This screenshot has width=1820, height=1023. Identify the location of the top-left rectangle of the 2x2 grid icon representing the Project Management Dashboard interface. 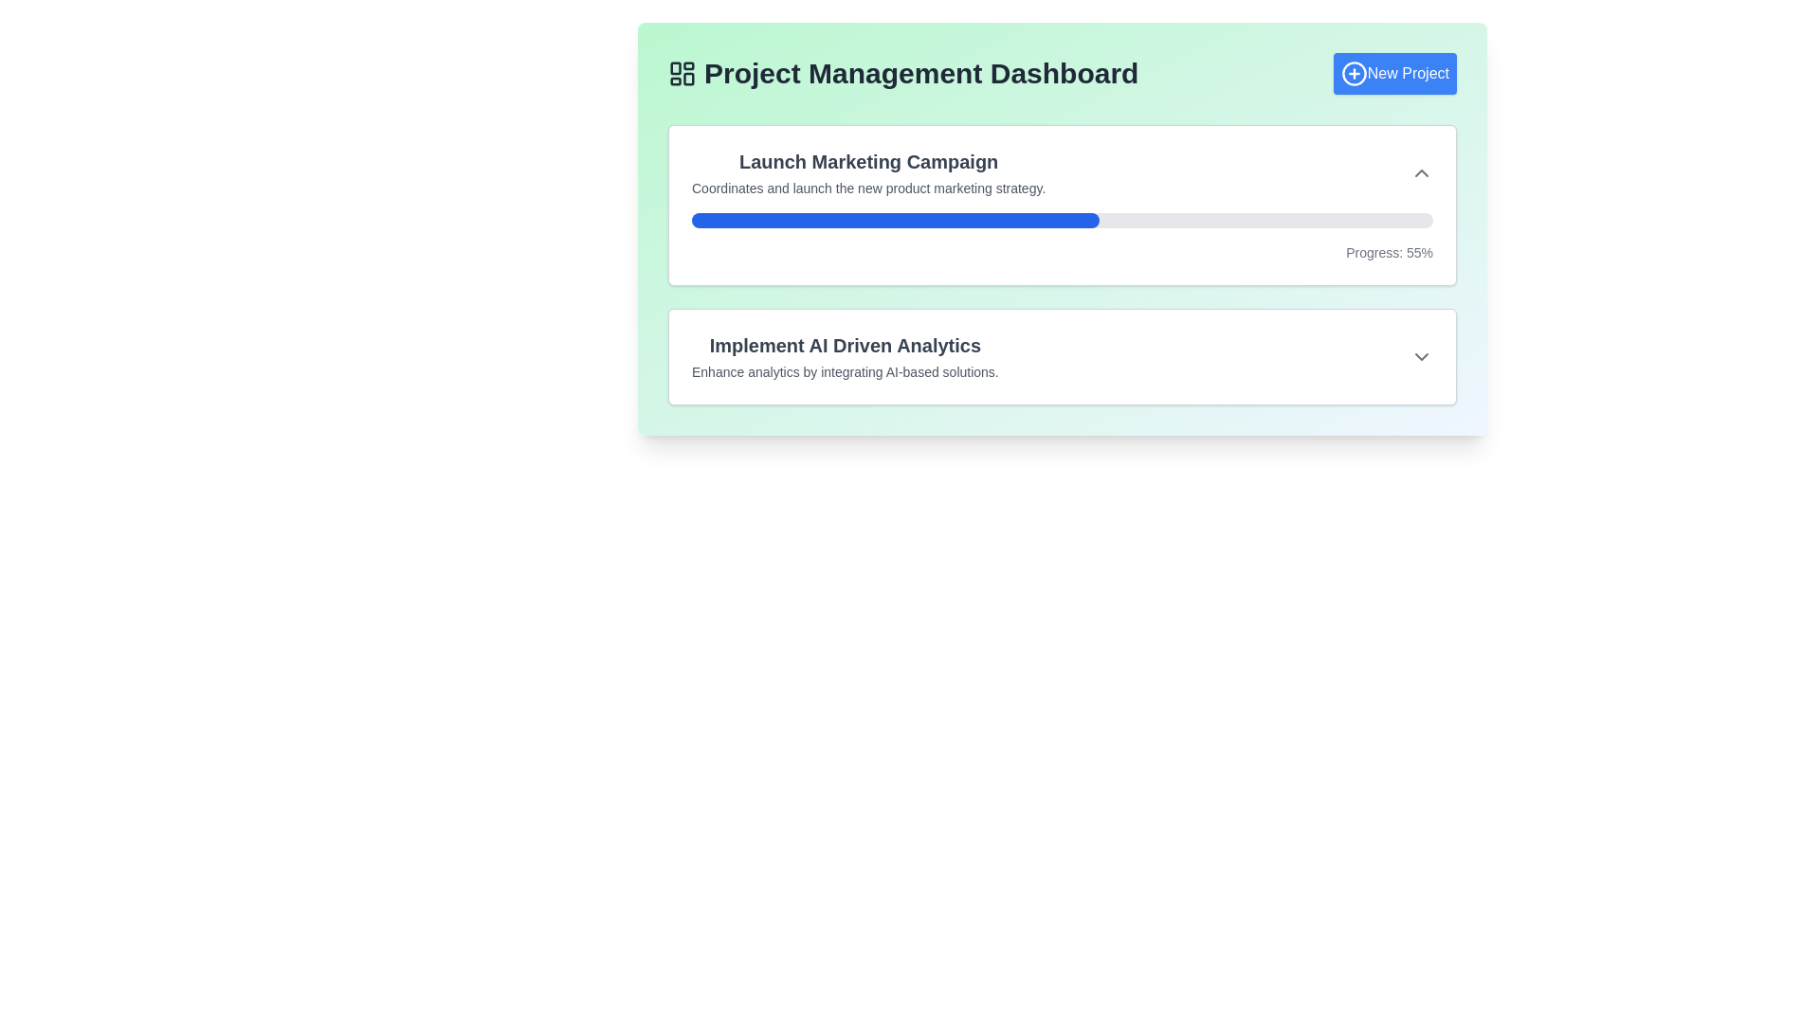
(676, 67).